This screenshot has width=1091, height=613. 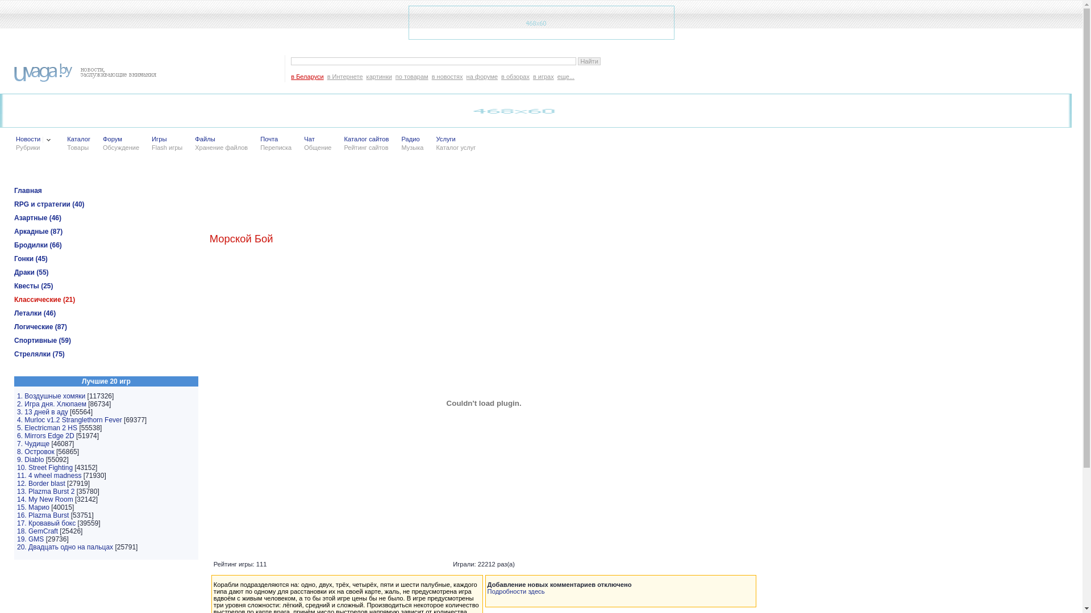 I want to click on '9. Diablo', so click(x=30, y=460).